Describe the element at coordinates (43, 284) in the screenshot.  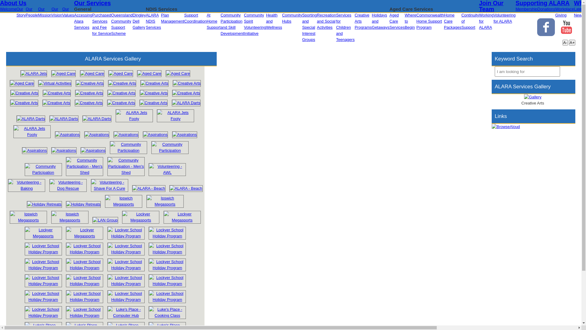
I see `'Lockyer School Holiday Program'` at that location.